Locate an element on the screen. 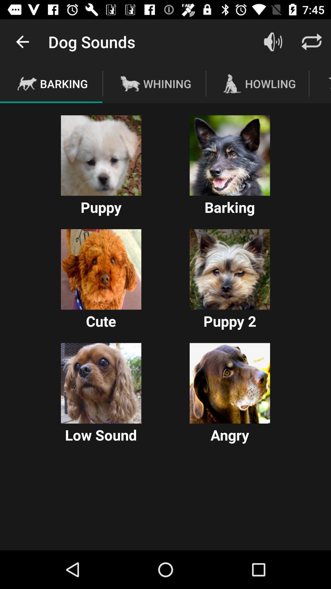 Image resolution: width=331 pixels, height=589 pixels. angry dog icon is located at coordinates (230, 383).